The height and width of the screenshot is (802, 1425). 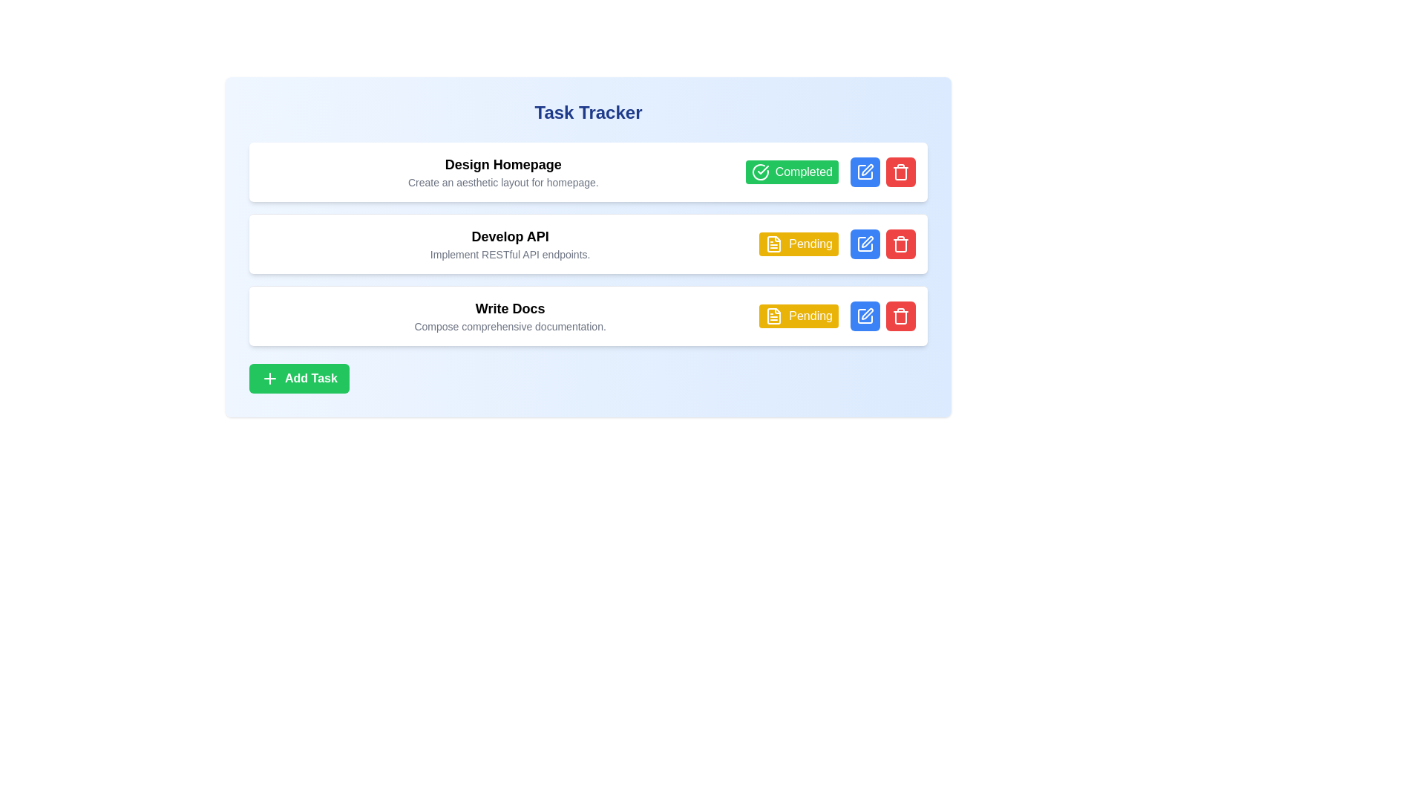 I want to click on the blue button with a pen icon located in the right corner of the last task (Write Docs) row in the task tracker interface, so click(x=865, y=315).